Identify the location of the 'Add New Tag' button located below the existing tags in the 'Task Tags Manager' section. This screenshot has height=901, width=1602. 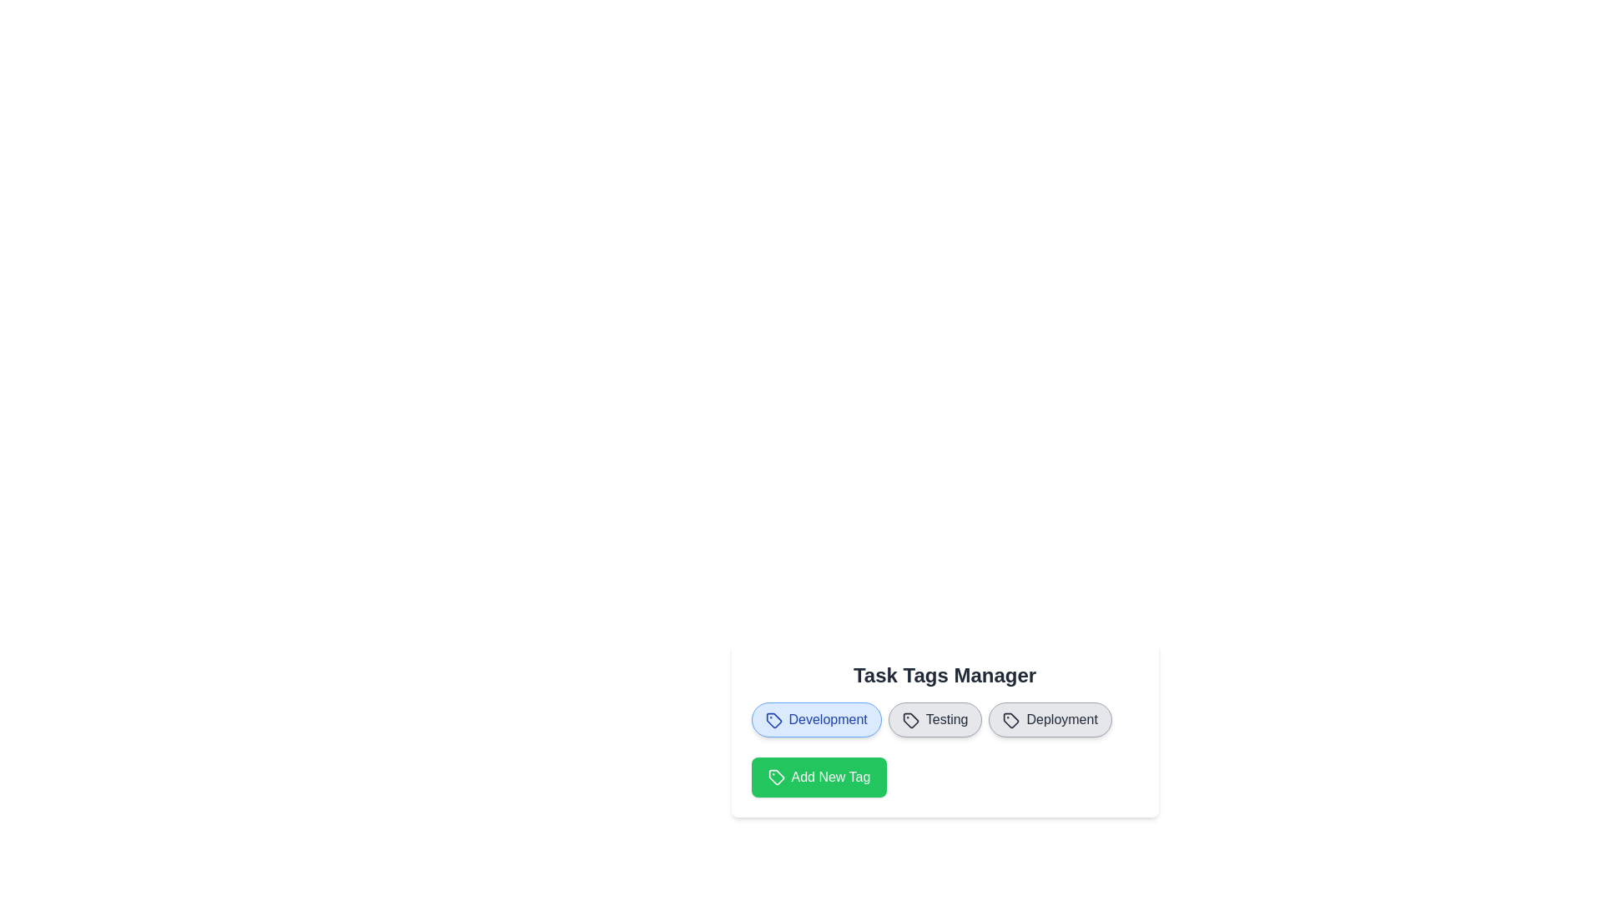
(819, 778).